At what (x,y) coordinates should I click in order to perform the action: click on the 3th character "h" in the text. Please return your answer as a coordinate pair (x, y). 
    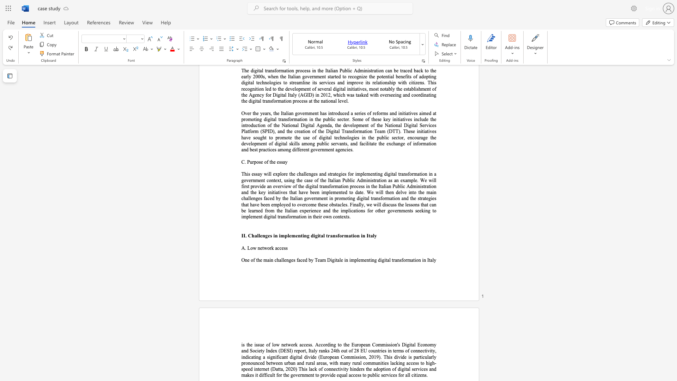
    Looking at the image, I should click on (338, 351).